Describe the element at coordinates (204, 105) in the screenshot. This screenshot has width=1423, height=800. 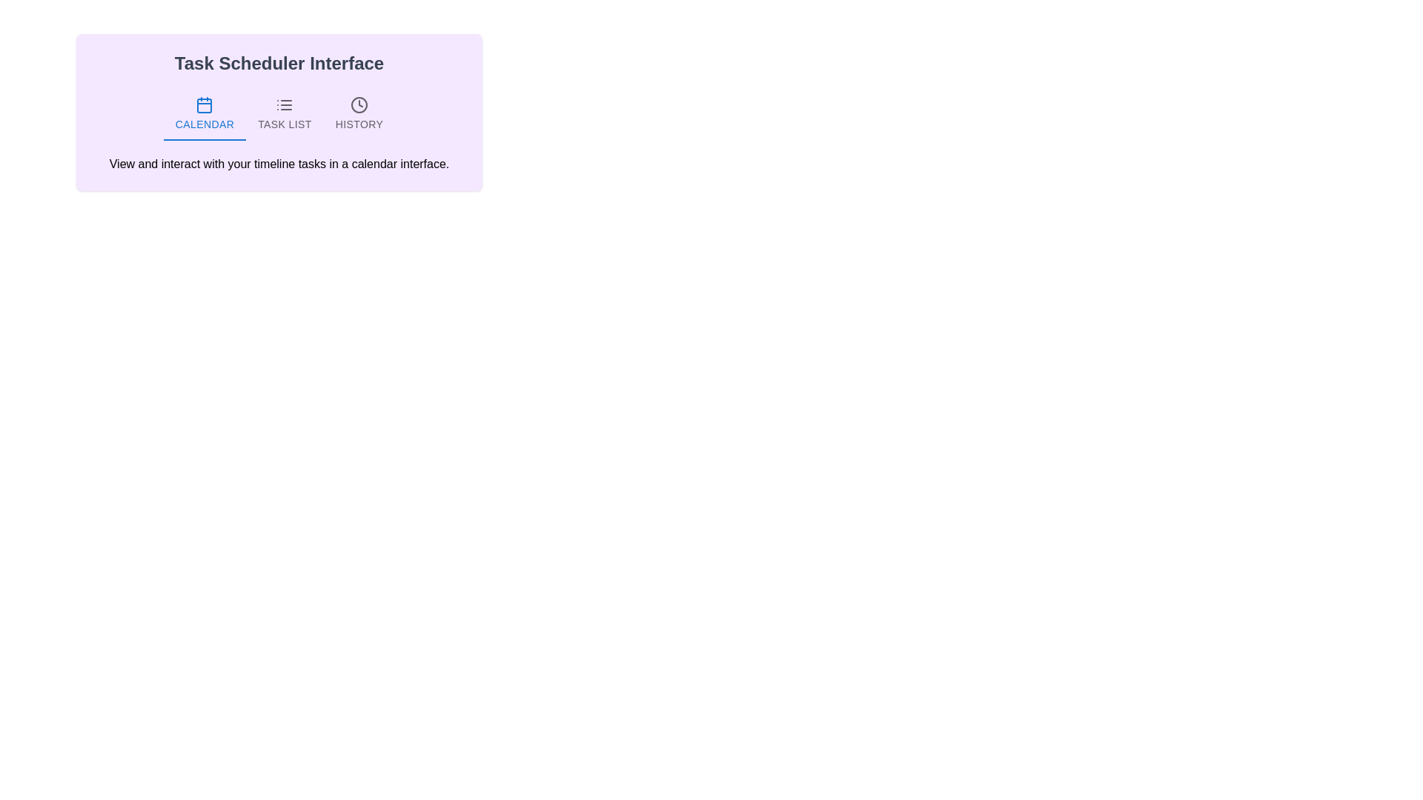
I see `the rounded rectangle element that serves as the main background area of the calendar icon within the Task Scheduler Interface tab bar` at that location.